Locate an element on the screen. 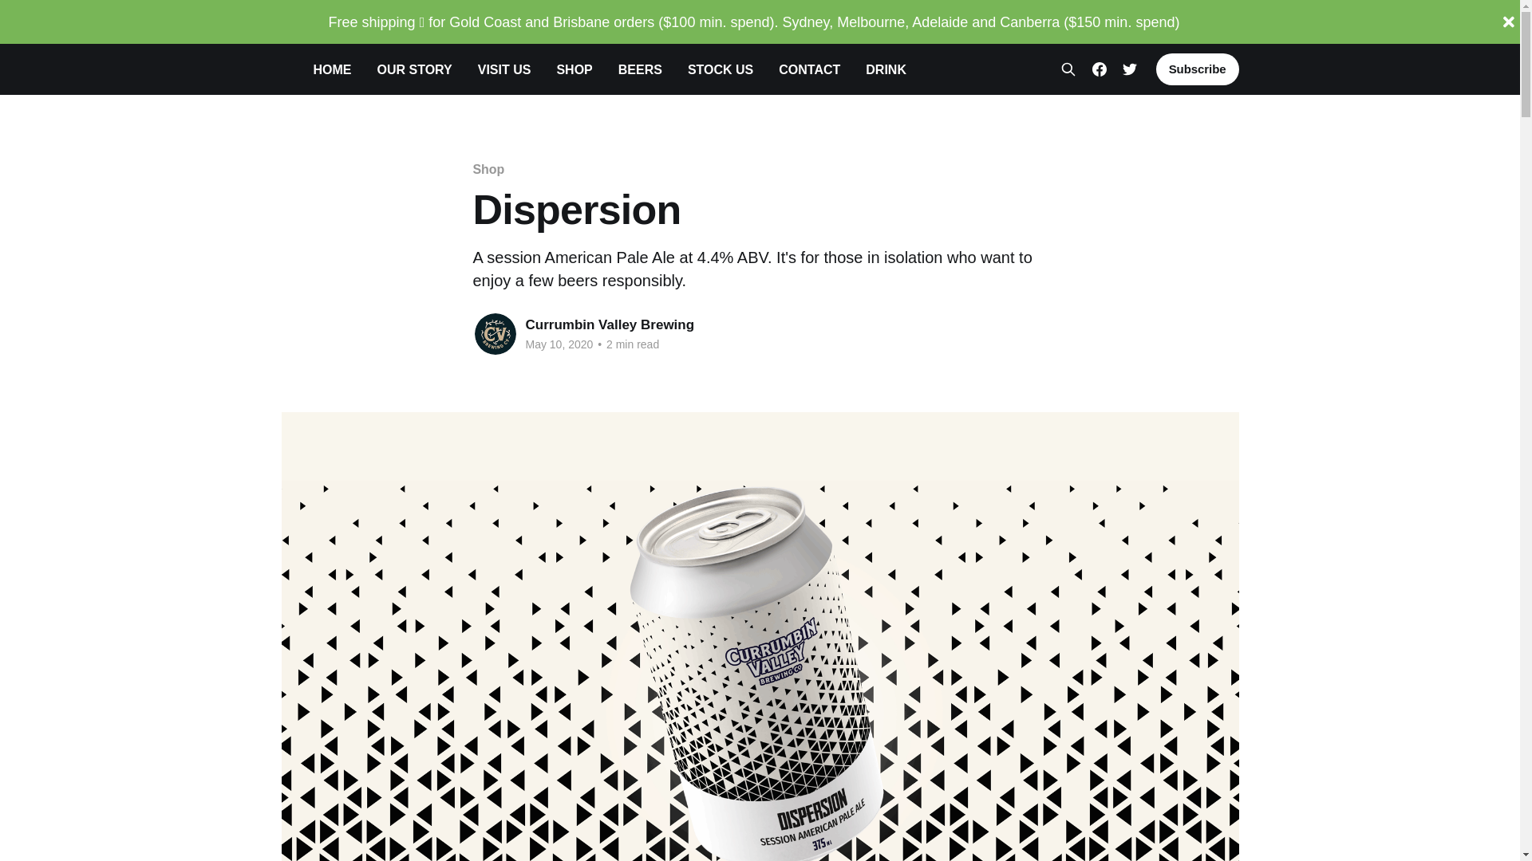 This screenshot has height=861, width=1532. 'HOME' is located at coordinates (331, 69).